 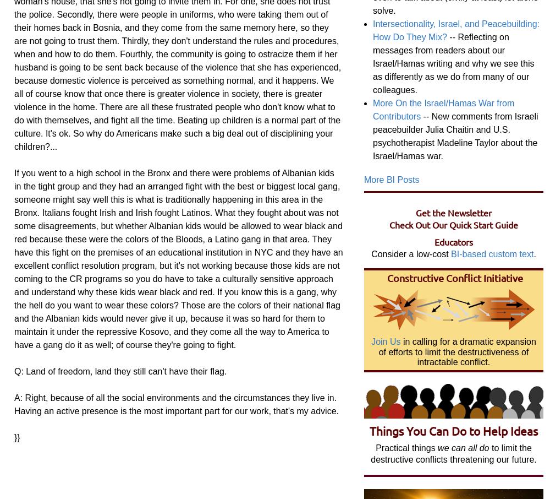 What do you see at coordinates (17, 437) in the screenshot?
I see `'}}'` at bounding box center [17, 437].